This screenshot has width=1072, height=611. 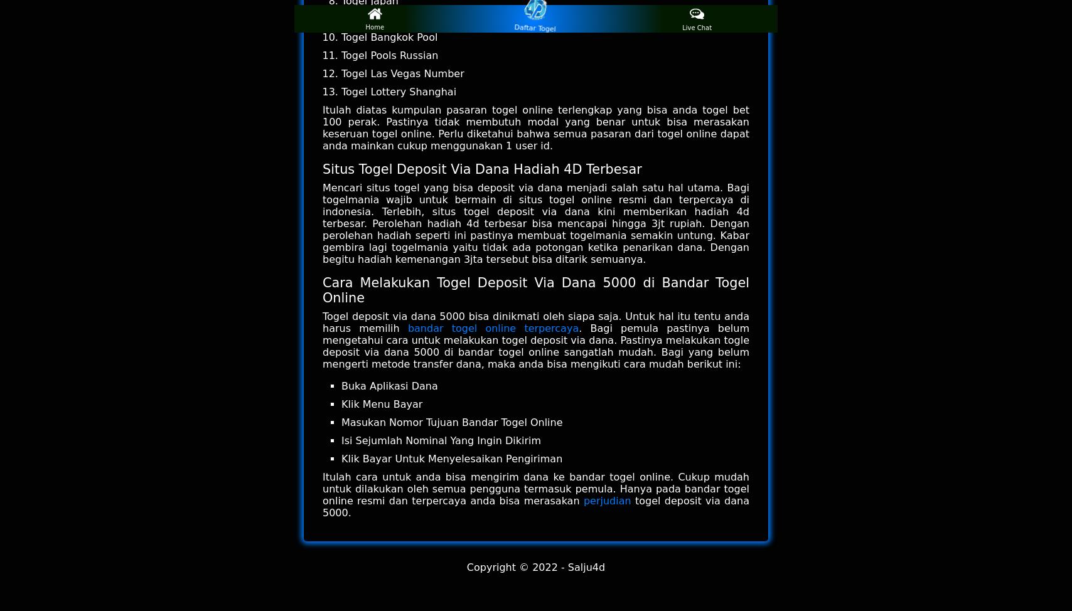 What do you see at coordinates (536, 290) in the screenshot?
I see `'Cara Melakukan Togel Deposit Via Dana 5000 di Bandar Togel Online'` at bounding box center [536, 290].